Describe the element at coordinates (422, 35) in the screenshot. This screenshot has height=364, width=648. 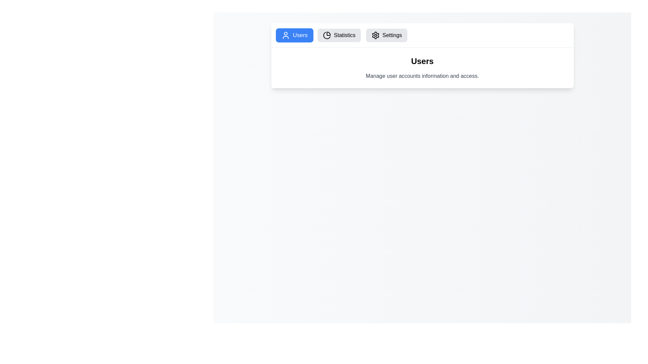
I see `the 'Settings' button in the navigation bar, which is styled with a gray background and is the third button from the left` at that location.